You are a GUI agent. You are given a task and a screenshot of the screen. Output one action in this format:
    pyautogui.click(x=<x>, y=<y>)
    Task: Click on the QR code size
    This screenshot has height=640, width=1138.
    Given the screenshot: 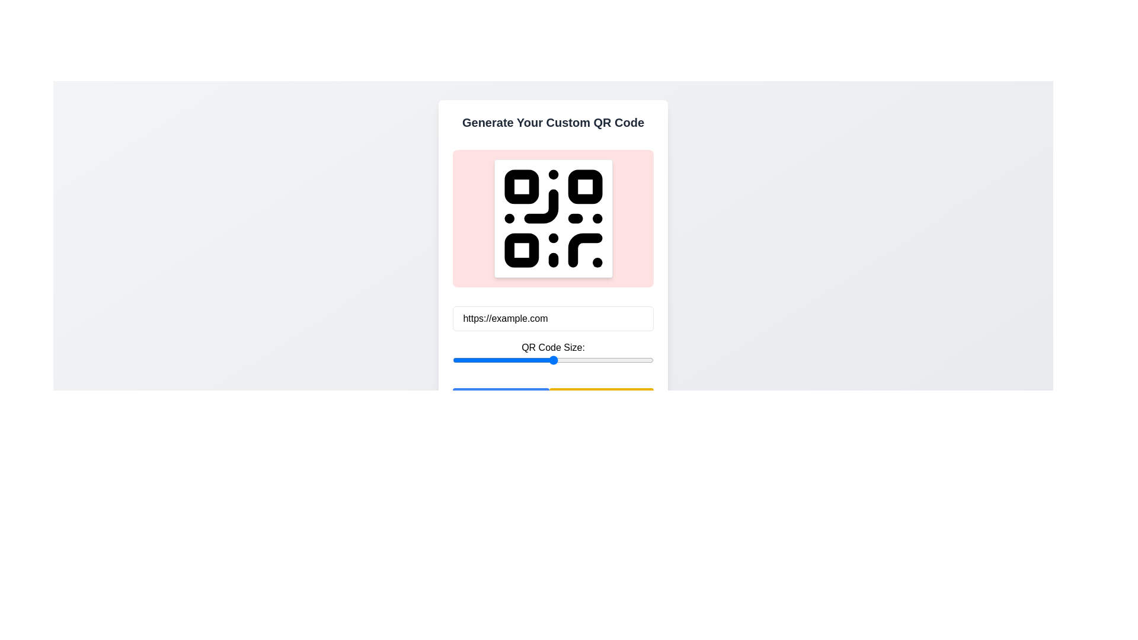 What is the action you would take?
    pyautogui.click(x=598, y=360)
    